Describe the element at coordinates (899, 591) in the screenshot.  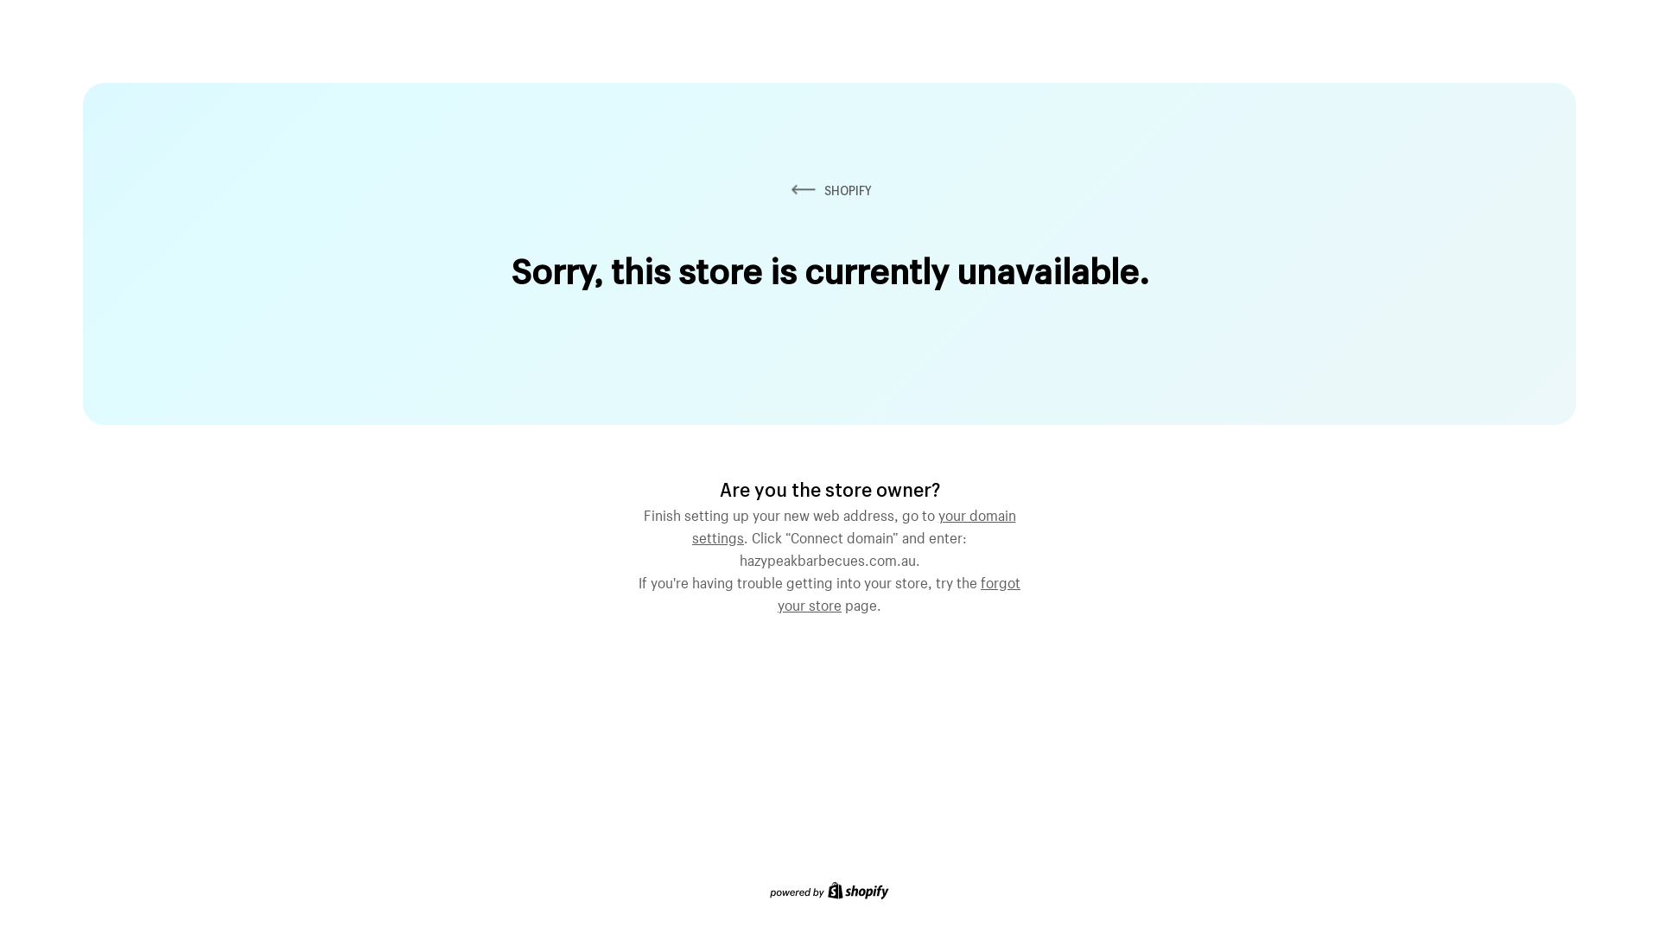
I see `'forgot your store'` at that location.